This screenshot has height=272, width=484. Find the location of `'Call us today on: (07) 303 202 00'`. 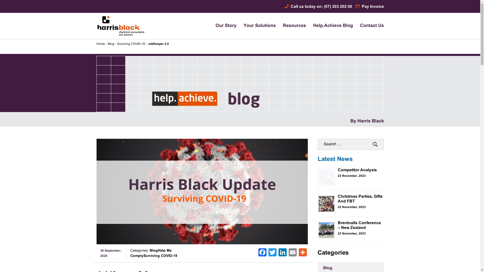

'Call us today on: (07) 303 202 00' is located at coordinates (318, 7).